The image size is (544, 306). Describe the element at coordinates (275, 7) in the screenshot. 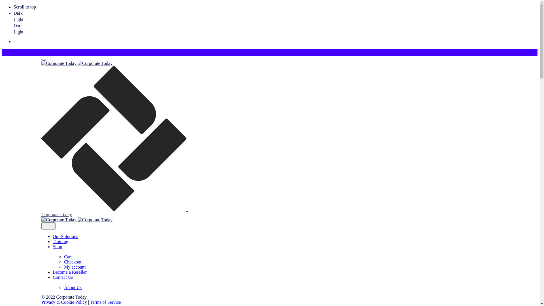

I see `'Scroll to top'` at that location.